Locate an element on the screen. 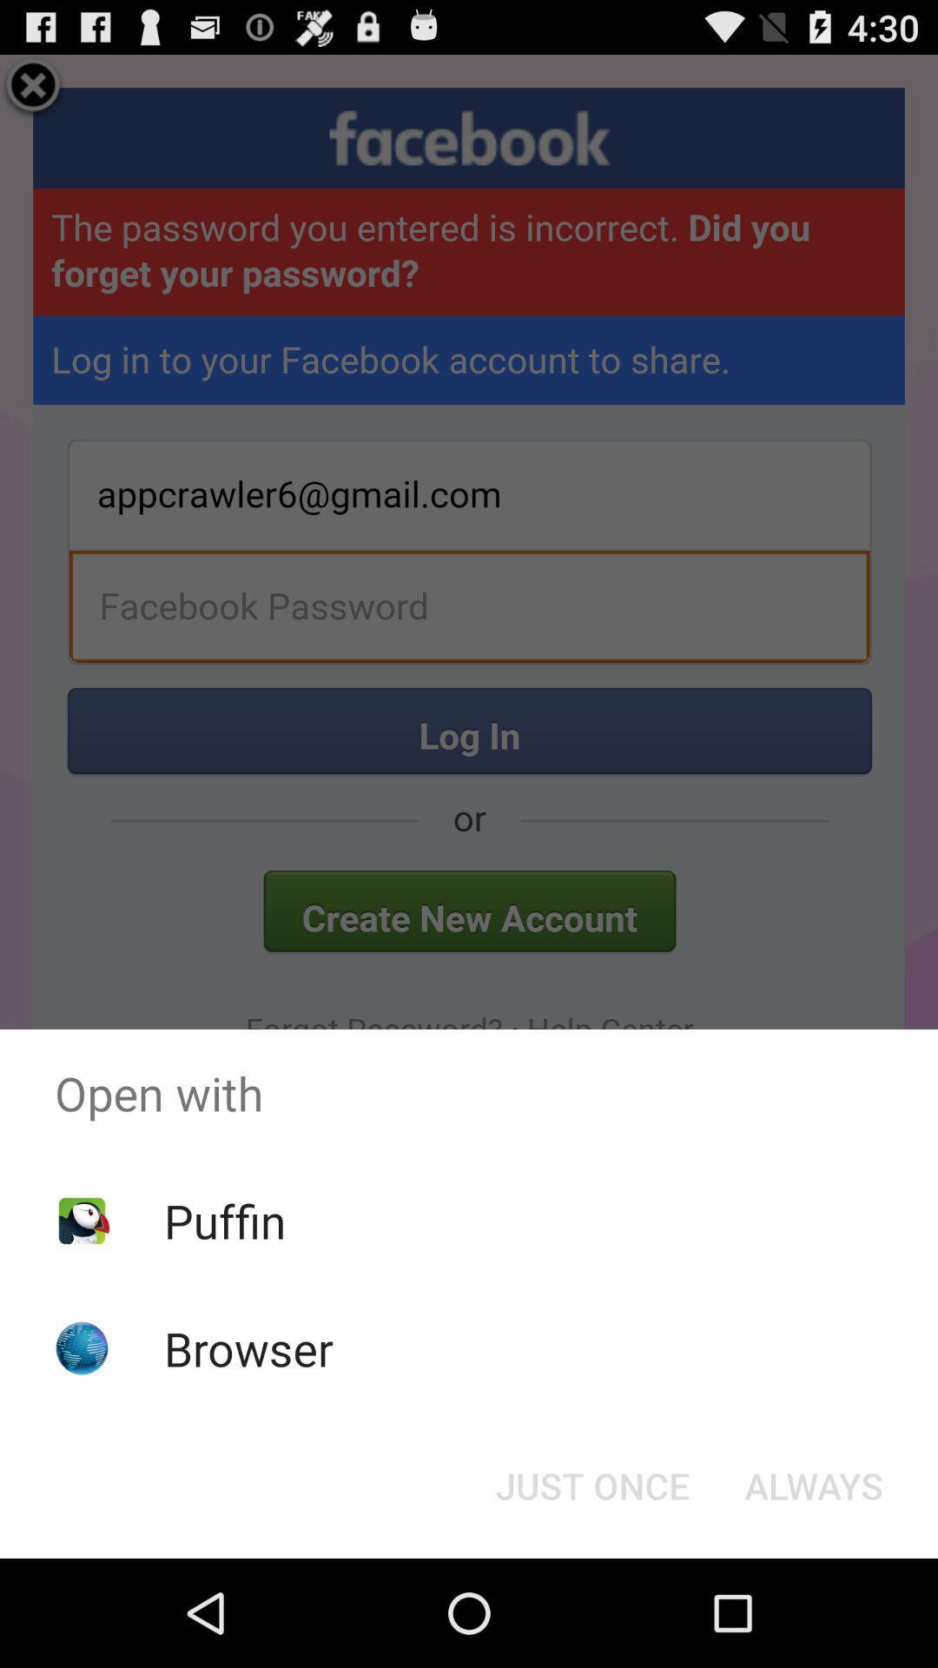 The image size is (938, 1668). just once button is located at coordinates (591, 1484).